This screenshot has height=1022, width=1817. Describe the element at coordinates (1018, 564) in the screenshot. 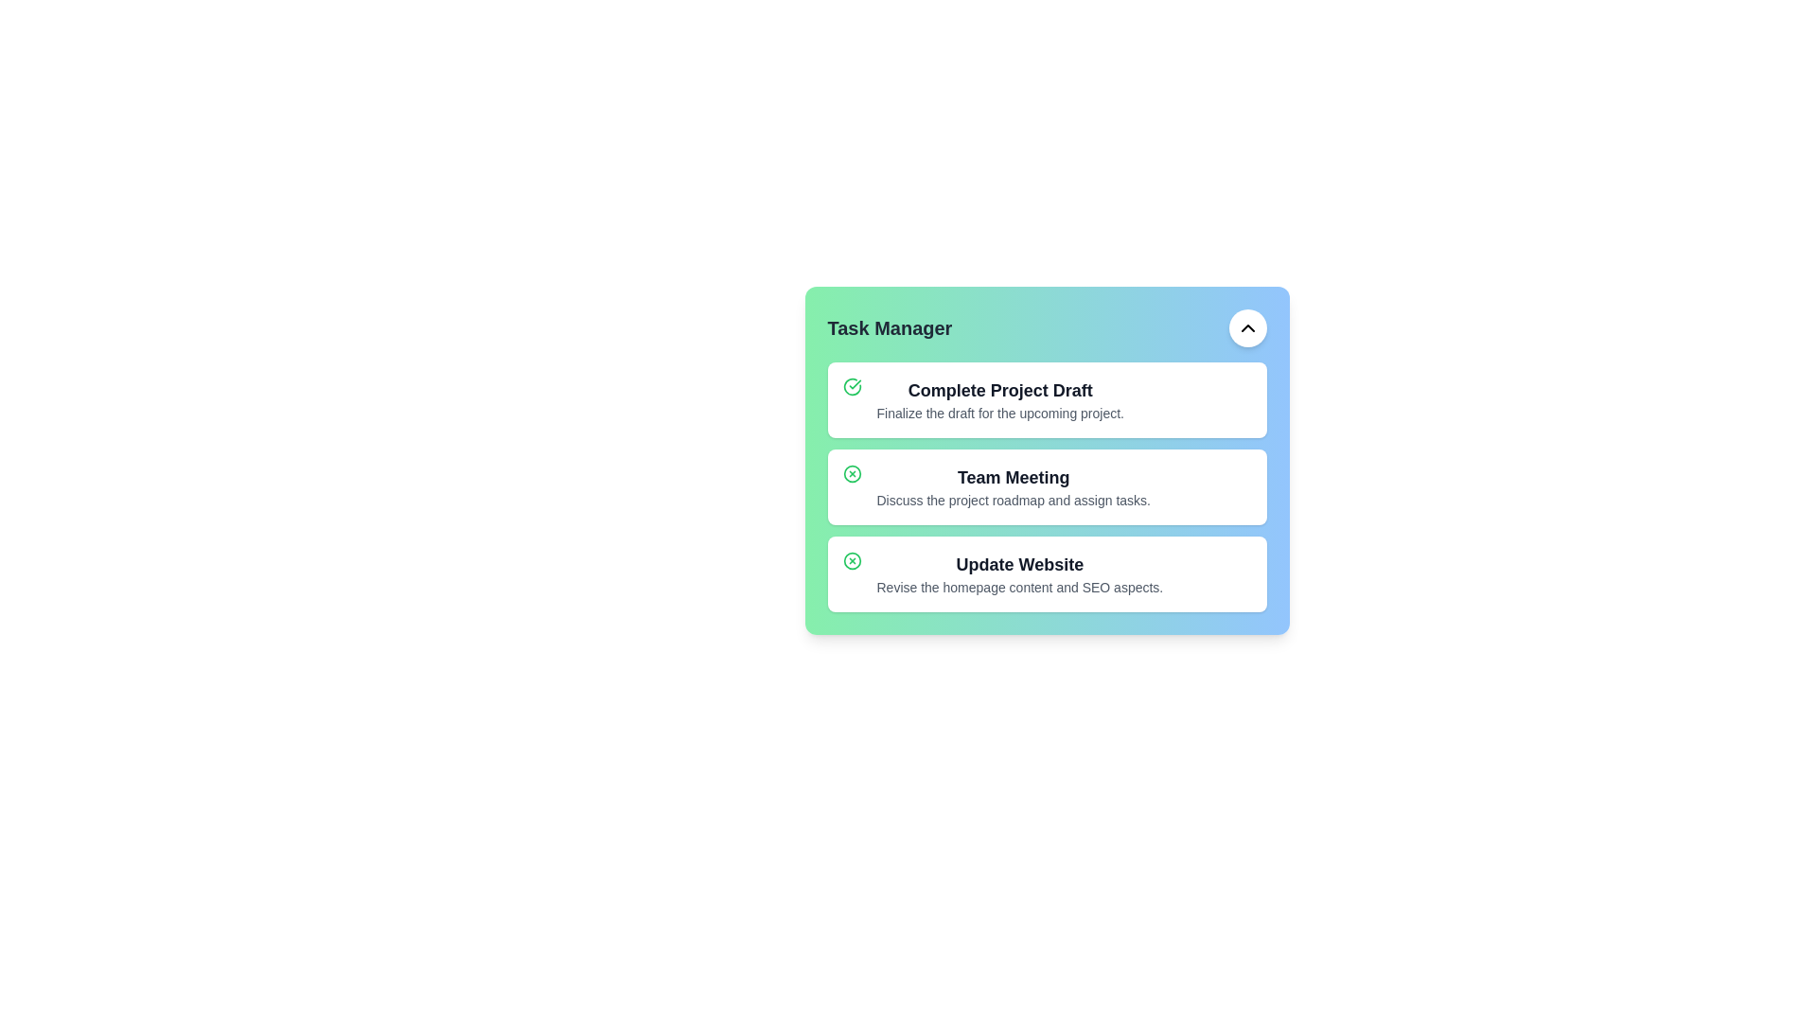

I see `the text of the task titled 'Update Website'` at that location.